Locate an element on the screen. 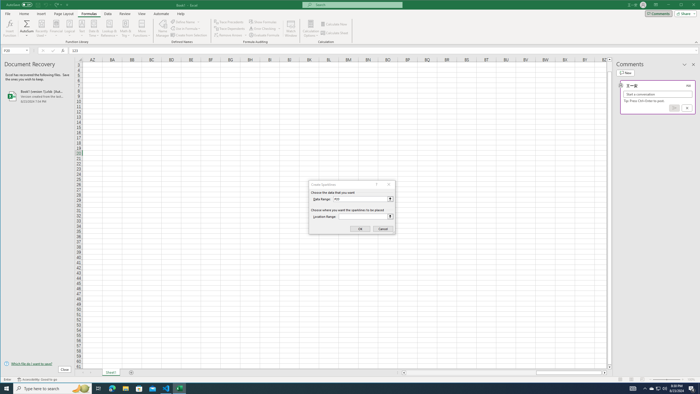 This screenshot has height=394, width=700. 'New comment' is located at coordinates (625, 73).